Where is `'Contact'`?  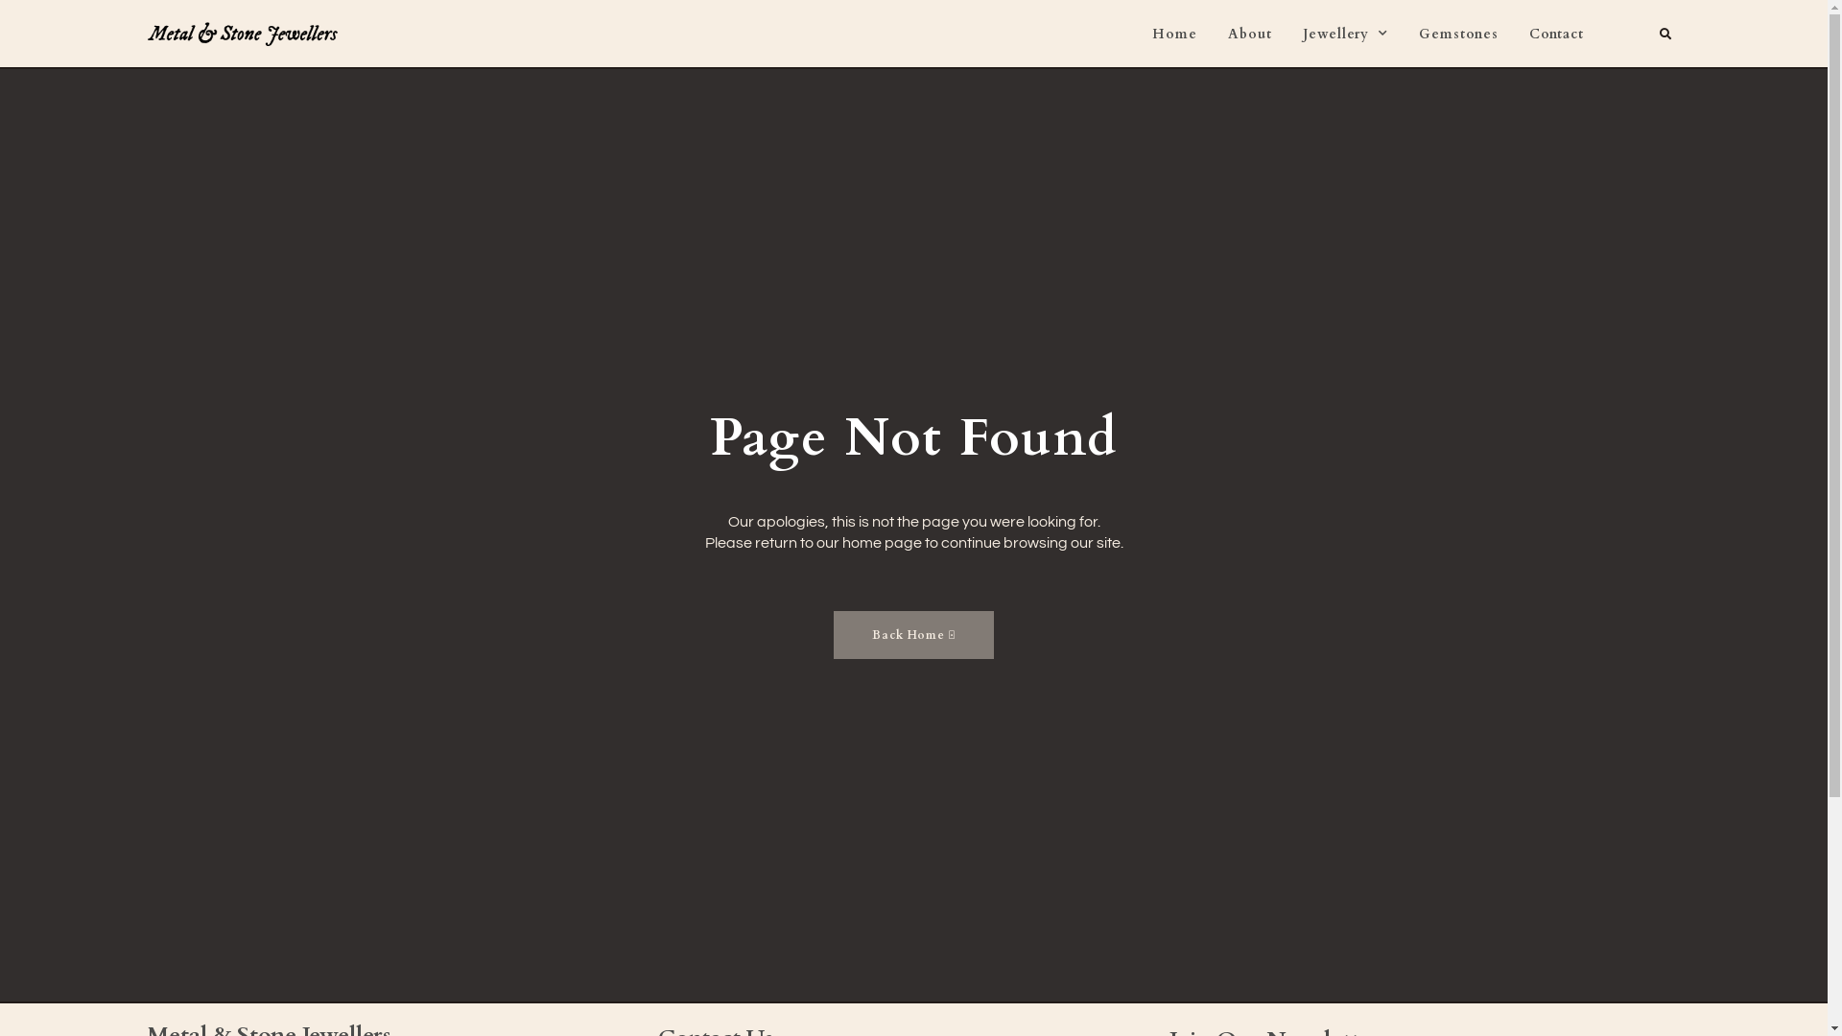 'Contact' is located at coordinates (1527, 34).